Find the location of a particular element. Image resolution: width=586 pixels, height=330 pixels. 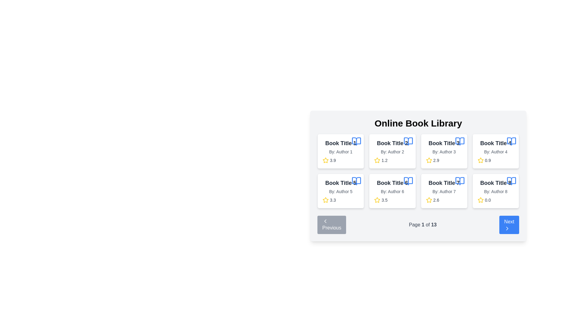

the text display showing the value '3.5' in gray font, which is located in the sixth book card of the second row, positioned beside a yellow star rating icon is located at coordinates (384, 200).